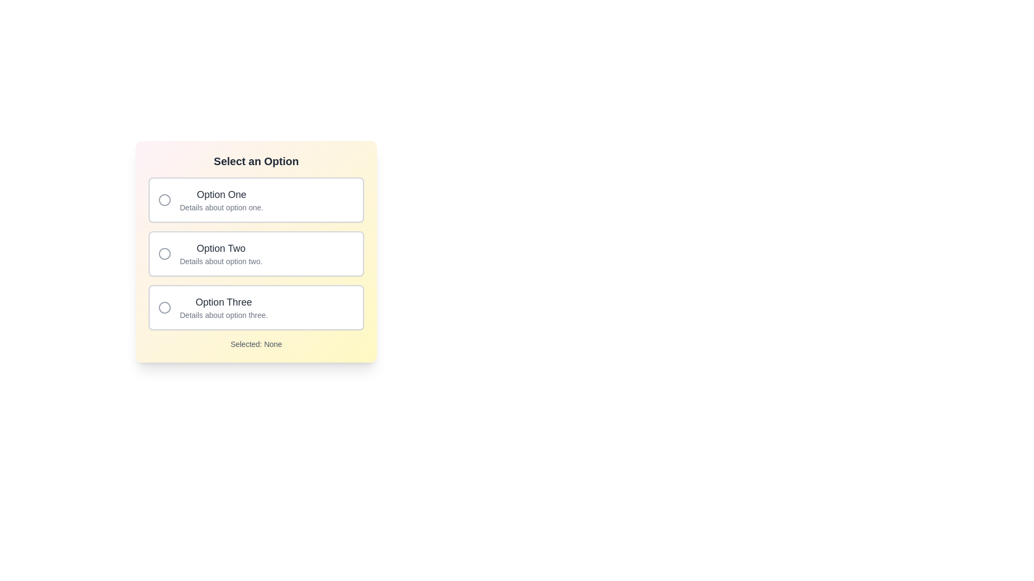 The height and width of the screenshot is (581, 1034). Describe the element at coordinates (164, 253) in the screenshot. I see `the circular component of the 'Option Two' selection indicator, which is part of a three-option selectable group` at that location.